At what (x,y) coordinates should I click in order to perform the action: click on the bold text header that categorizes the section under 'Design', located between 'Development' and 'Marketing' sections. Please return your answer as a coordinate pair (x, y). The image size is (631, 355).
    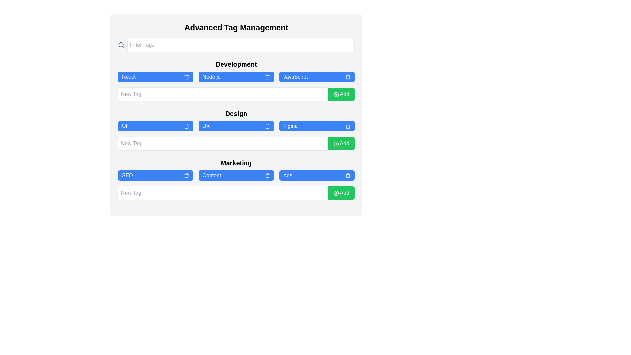
    Looking at the image, I should click on (236, 113).